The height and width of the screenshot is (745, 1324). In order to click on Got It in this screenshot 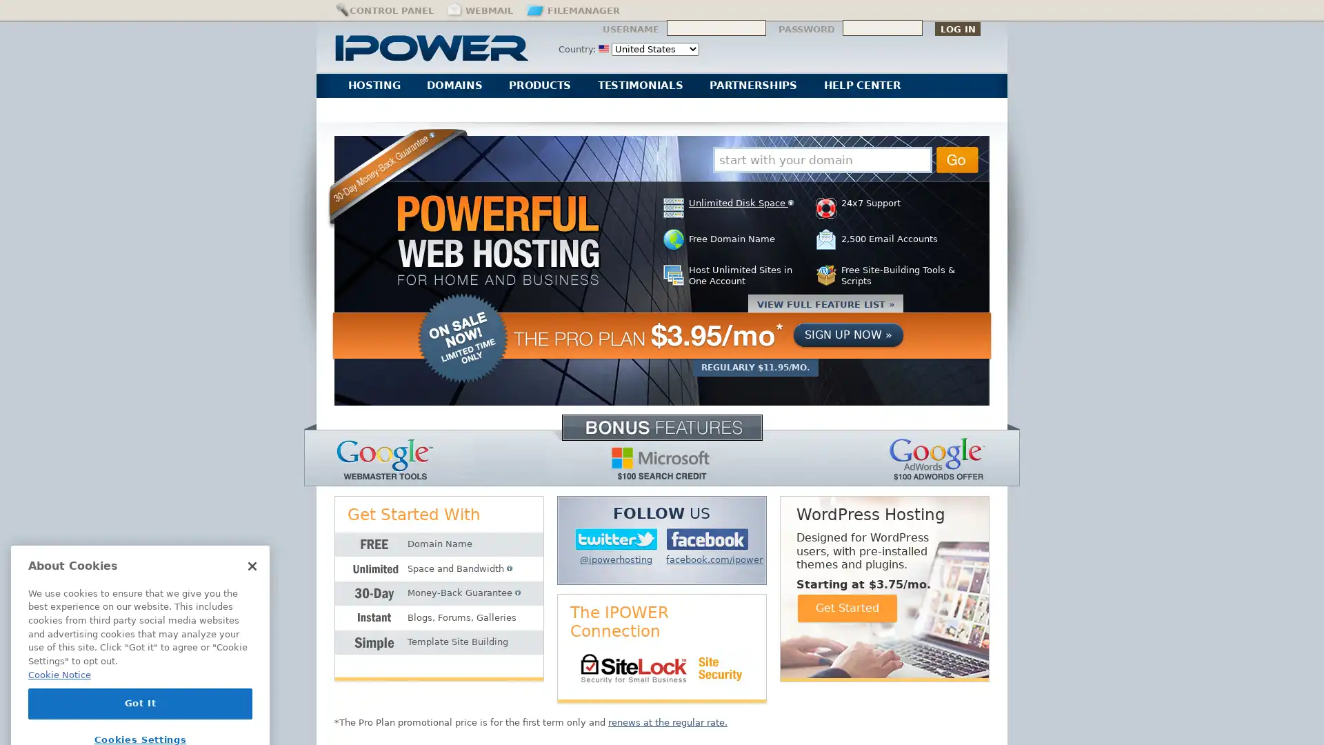, I will do `click(140, 654)`.